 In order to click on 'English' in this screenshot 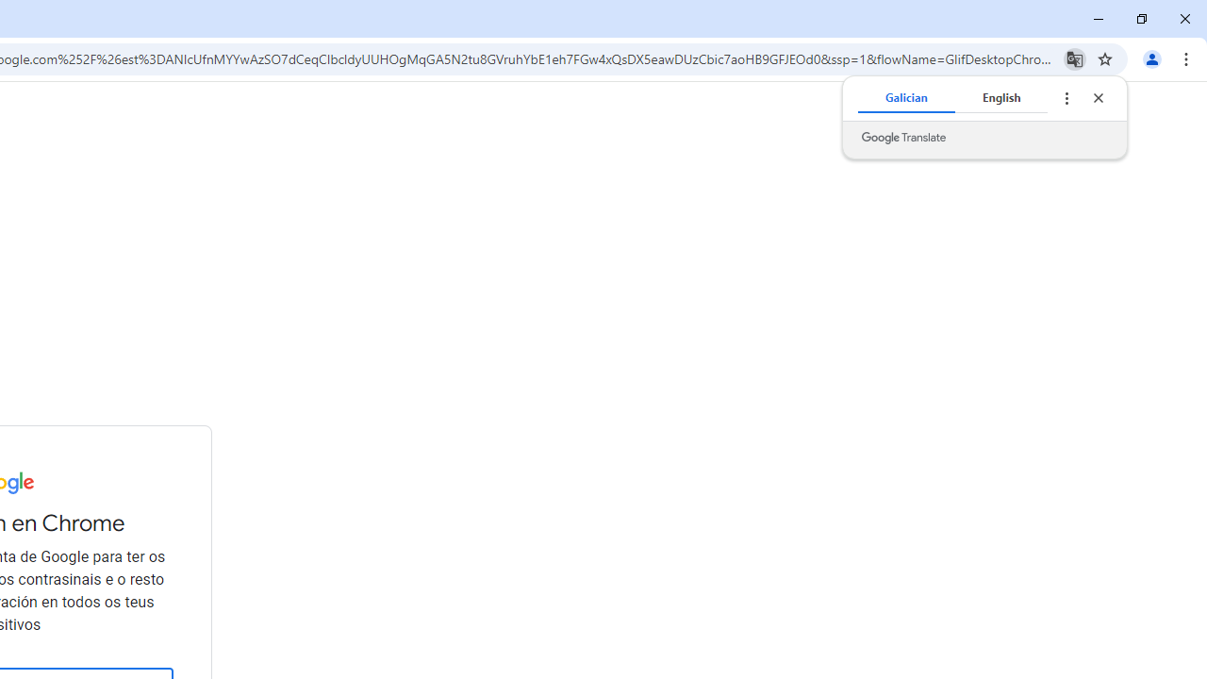, I will do `click(1000, 98)`.